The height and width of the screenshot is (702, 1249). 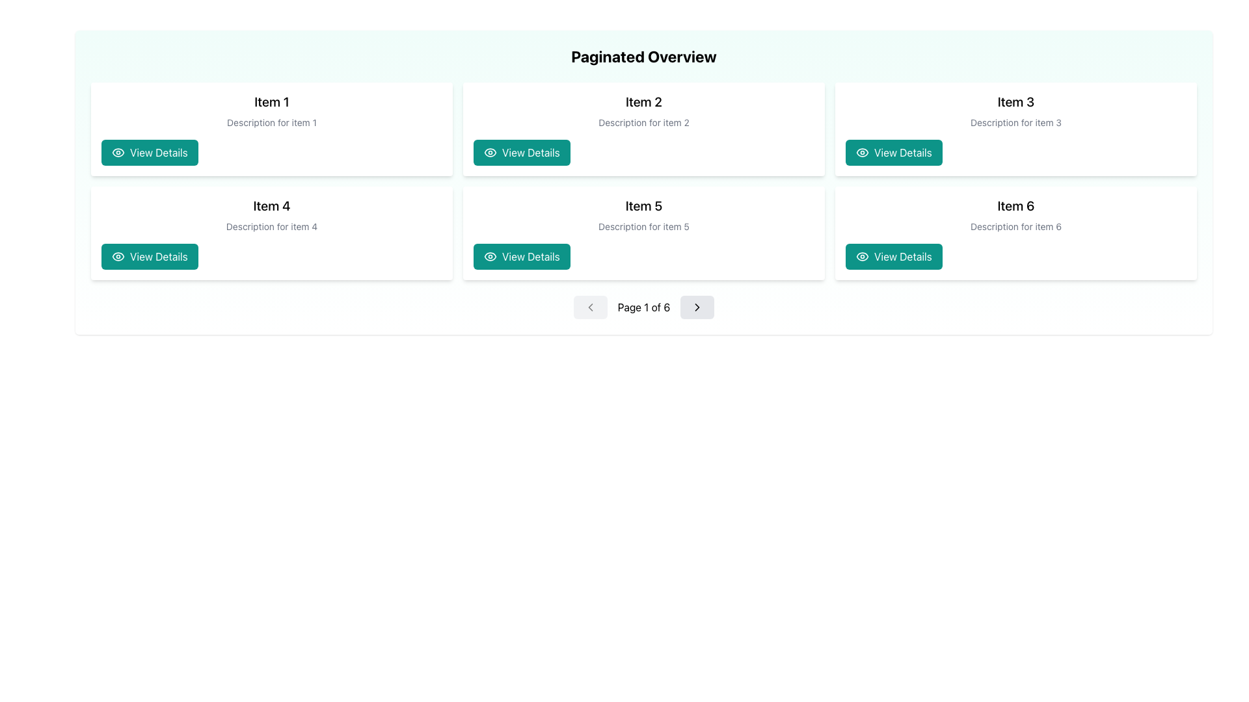 I want to click on the eye-shaped icon button labeled 'View Details' associated with 'Item 5', located in the middle row, second column of the interface layout, so click(x=489, y=256).